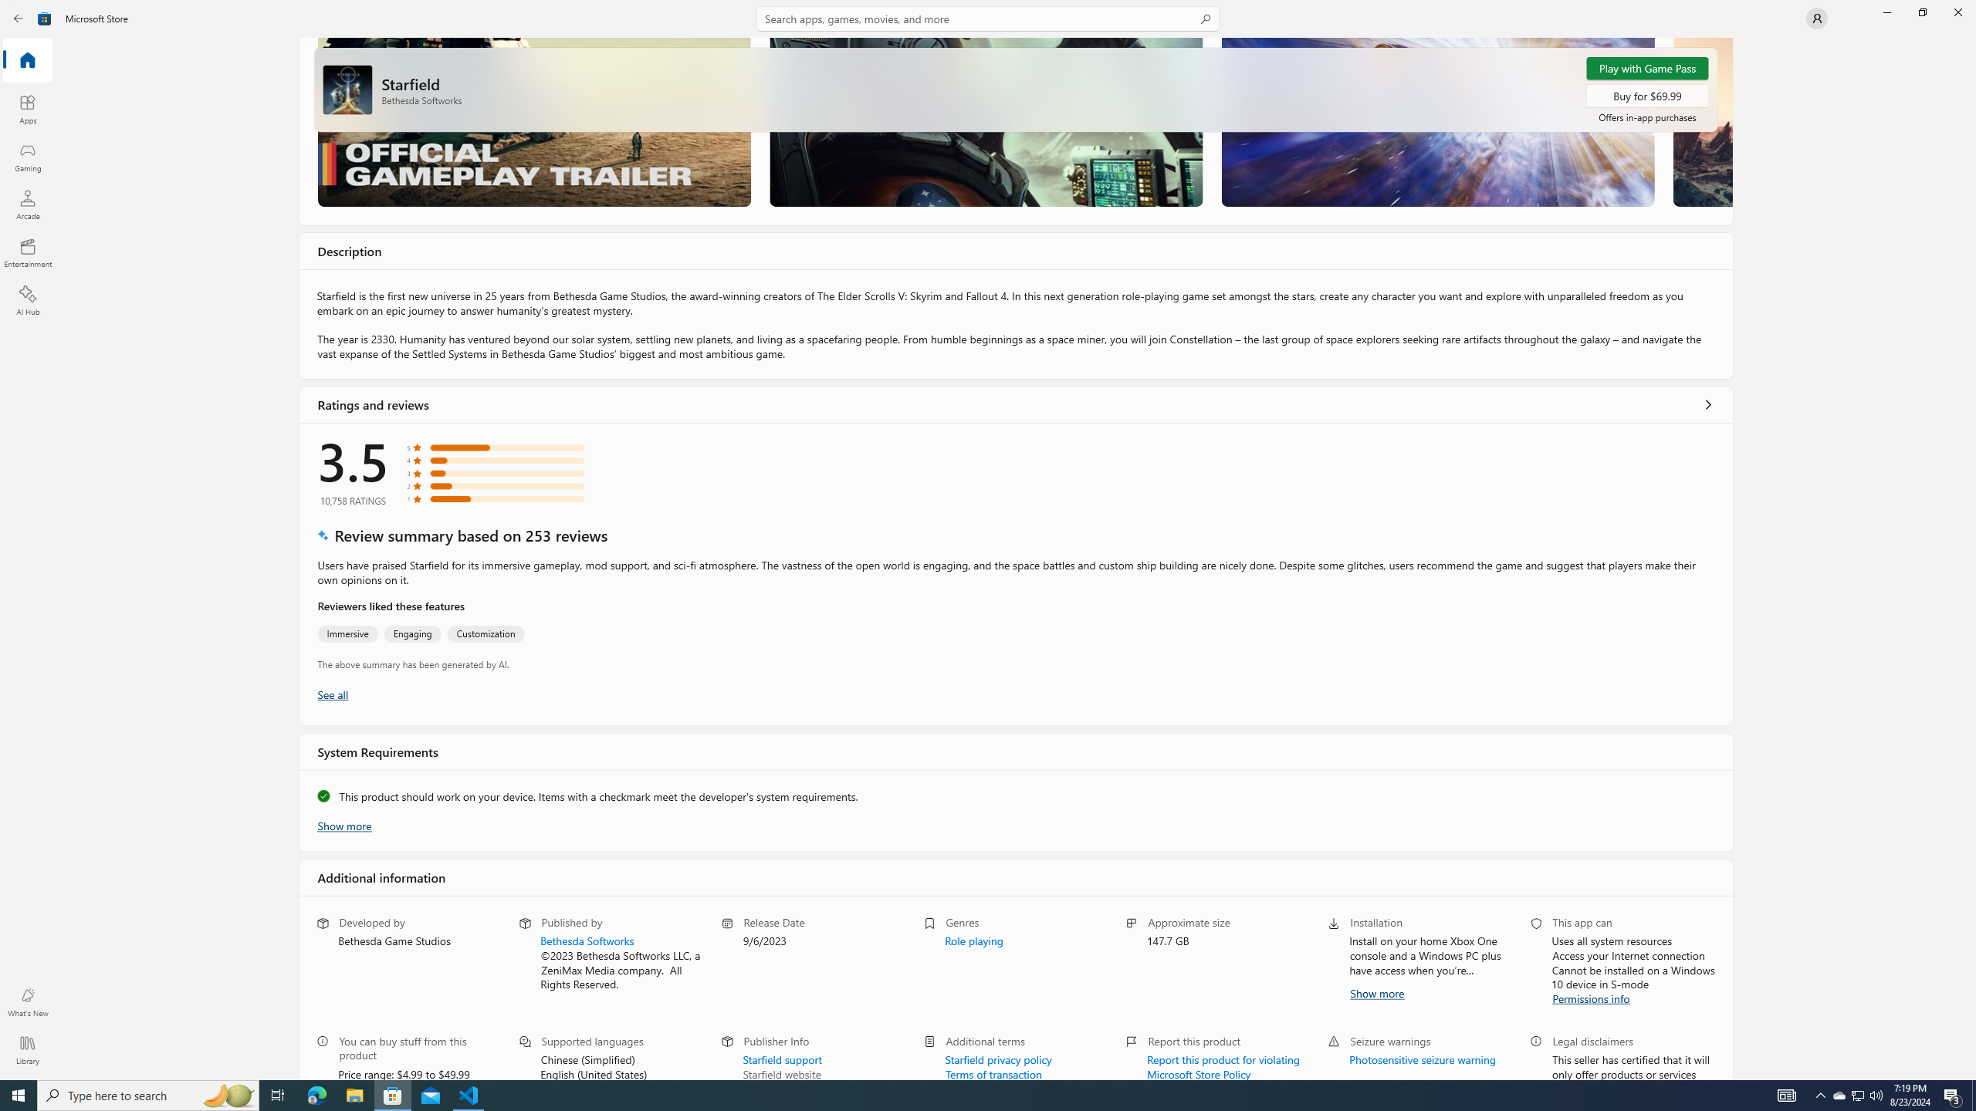  I want to click on 'Screenshot 2', so click(984, 121).